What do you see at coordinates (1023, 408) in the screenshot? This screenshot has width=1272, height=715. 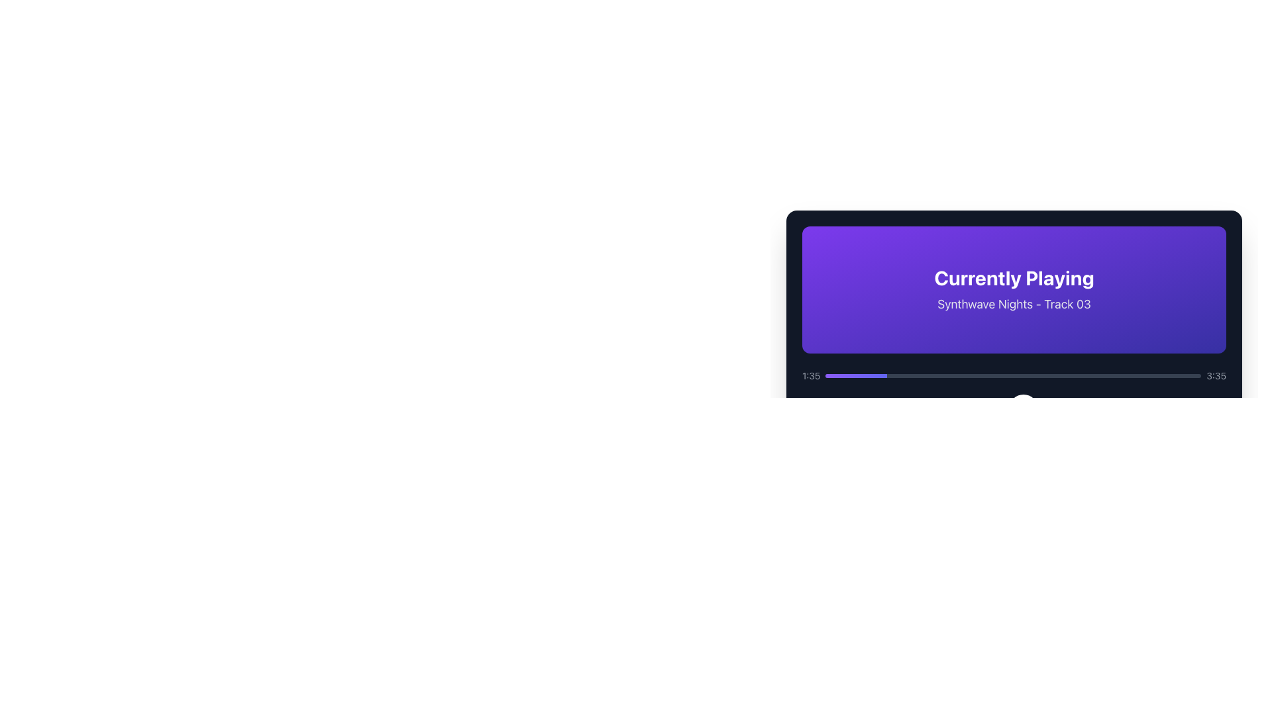 I see `the Seek bar handle, which is a small circular interactive component located centrally underneath the media player interface` at bounding box center [1023, 408].